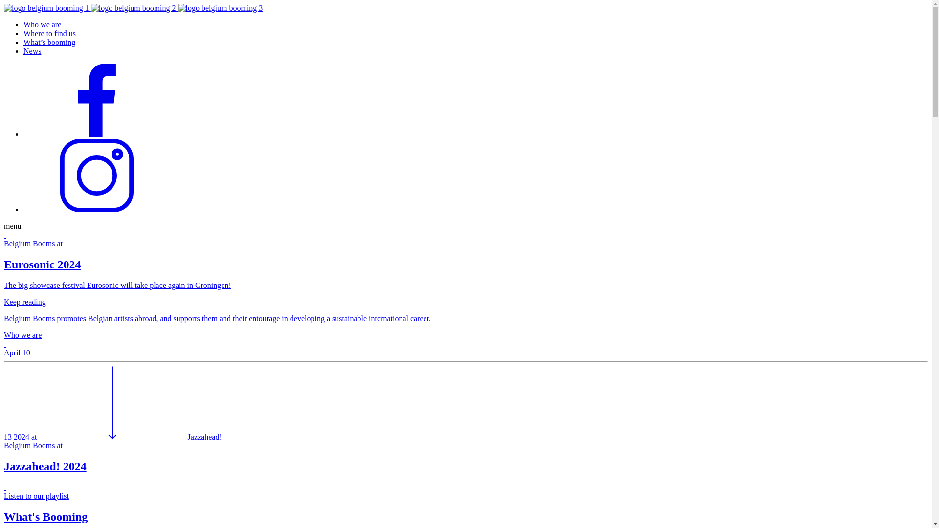 Image resolution: width=939 pixels, height=528 pixels. I want to click on 'Where to find us', so click(49, 33).